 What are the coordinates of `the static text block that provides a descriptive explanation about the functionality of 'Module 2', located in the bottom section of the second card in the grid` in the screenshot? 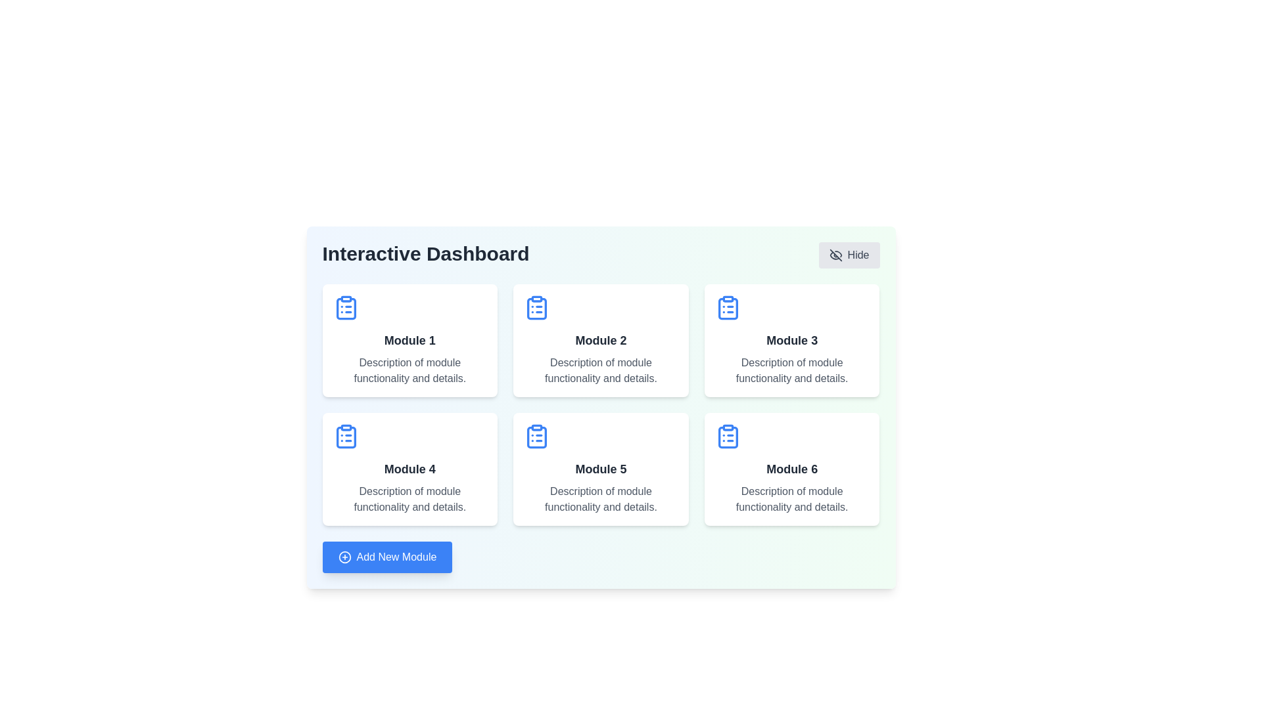 It's located at (600, 370).